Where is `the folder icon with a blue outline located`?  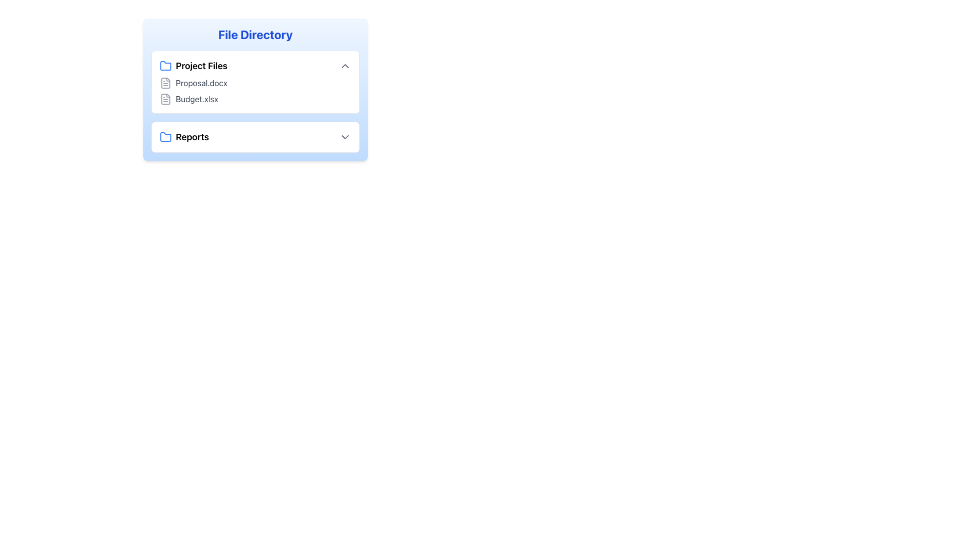 the folder icon with a blue outline located is located at coordinates (166, 66).